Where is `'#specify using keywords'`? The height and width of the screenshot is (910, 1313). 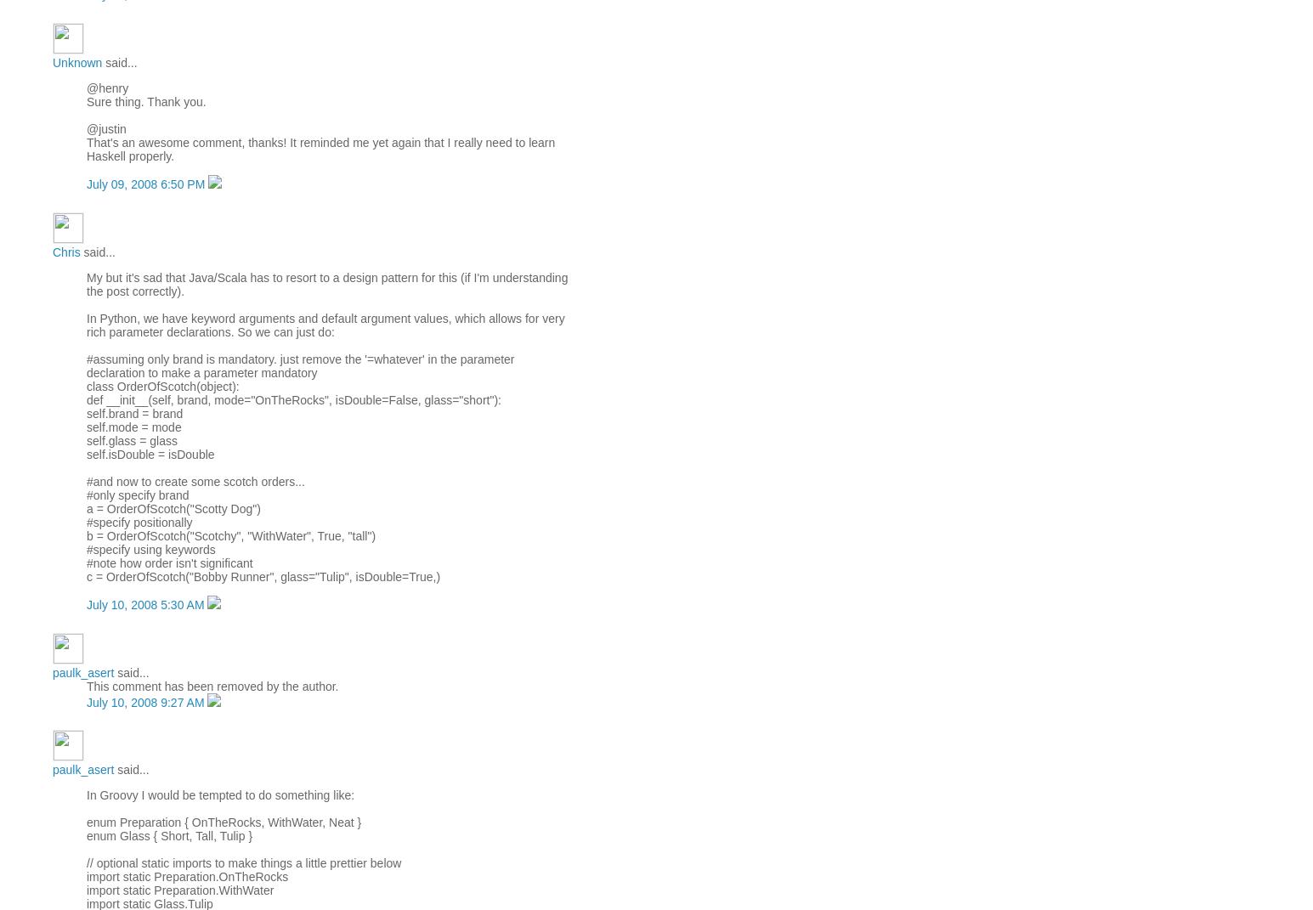 '#specify using keywords' is located at coordinates (150, 548).